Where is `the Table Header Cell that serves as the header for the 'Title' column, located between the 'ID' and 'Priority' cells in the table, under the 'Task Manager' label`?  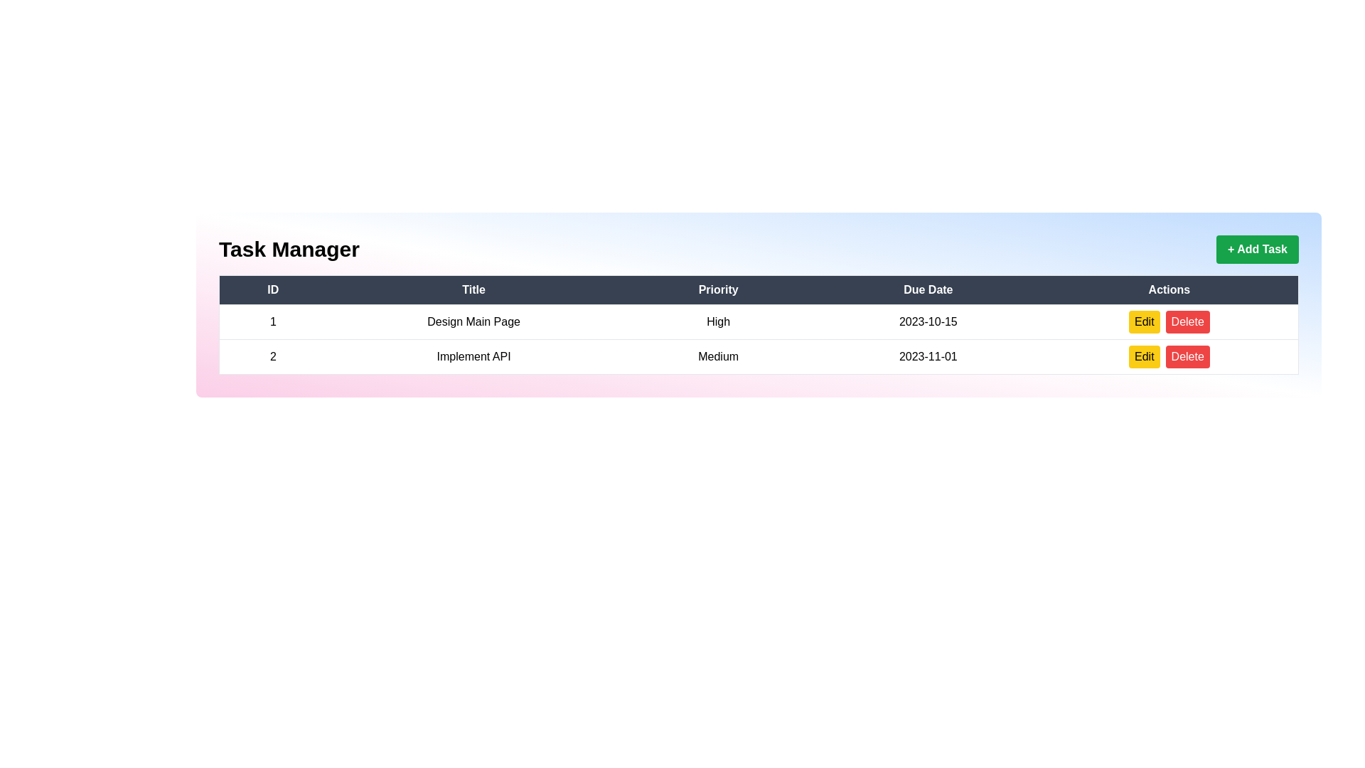
the Table Header Cell that serves as the header for the 'Title' column, located between the 'ID' and 'Priority' cells in the table, under the 'Task Manager' label is located at coordinates (473, 289).